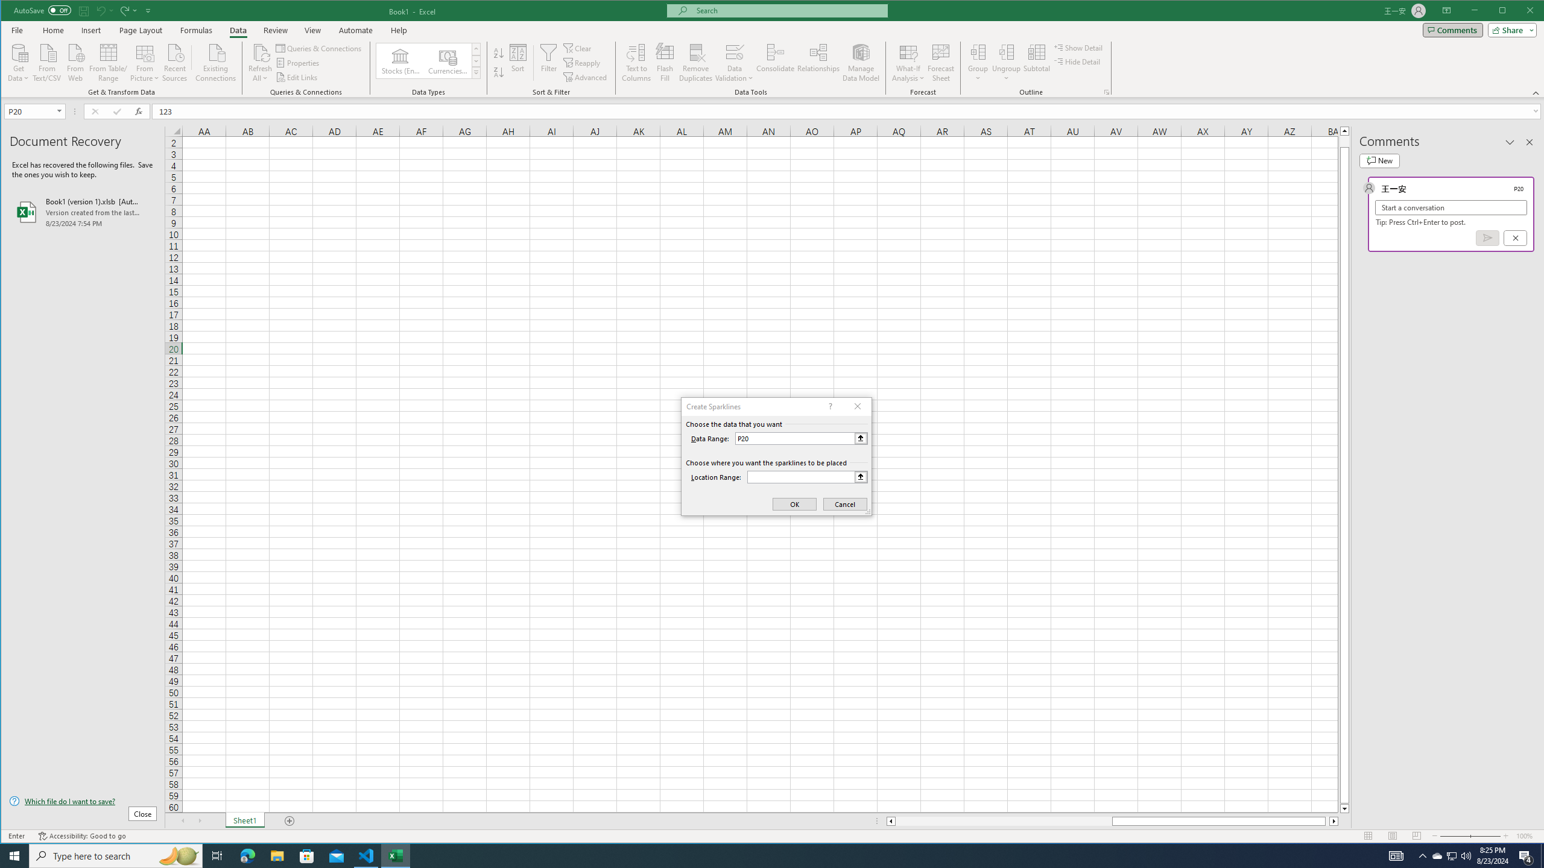 The image size is (1544, 868). What do you see at coordinates (498, 72) in the screenshot?
I see `'Sort Largest to Smallest'` at bounding box center [498, 72].